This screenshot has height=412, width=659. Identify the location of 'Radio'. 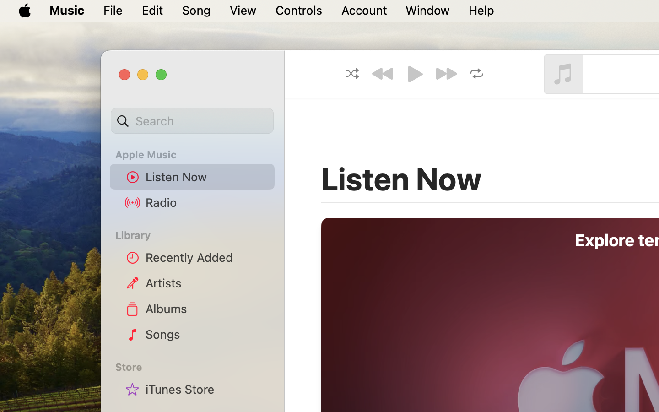
(206, 202).